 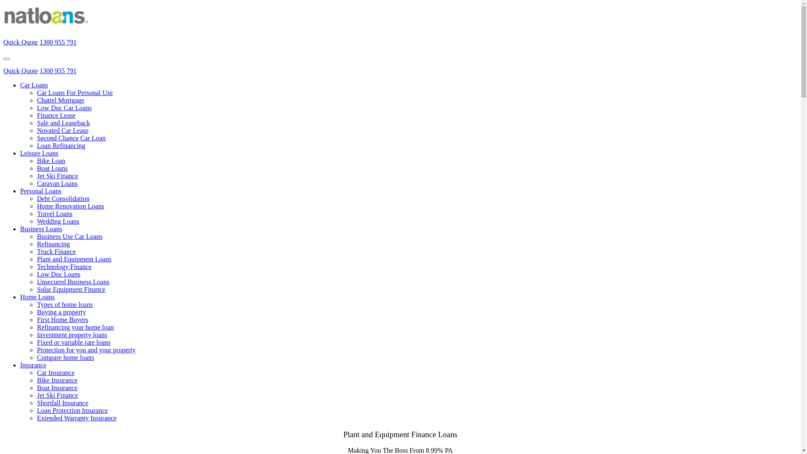 What do you see at coordinates (71, 206) in the screenshot?
I see `'Home Renovation Loans'` at bounding box center [71, 206].